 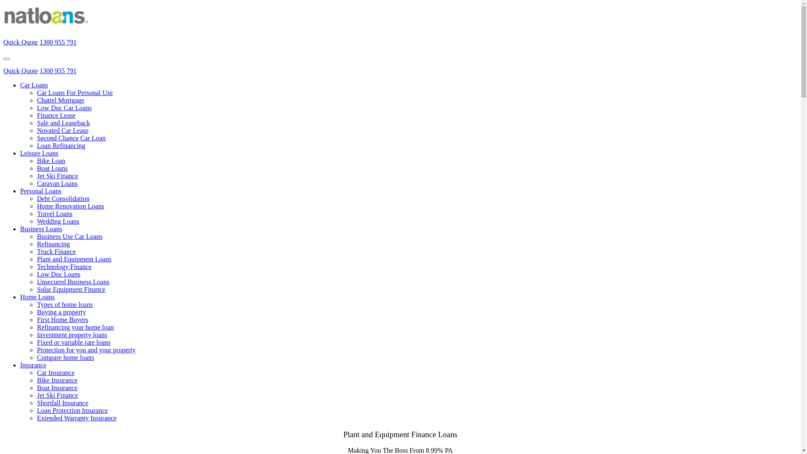 What do you see at coordinates (71, 206) in the screenshot?
I see `'Home Renovation Loans'` at bounding box center [71, 206].